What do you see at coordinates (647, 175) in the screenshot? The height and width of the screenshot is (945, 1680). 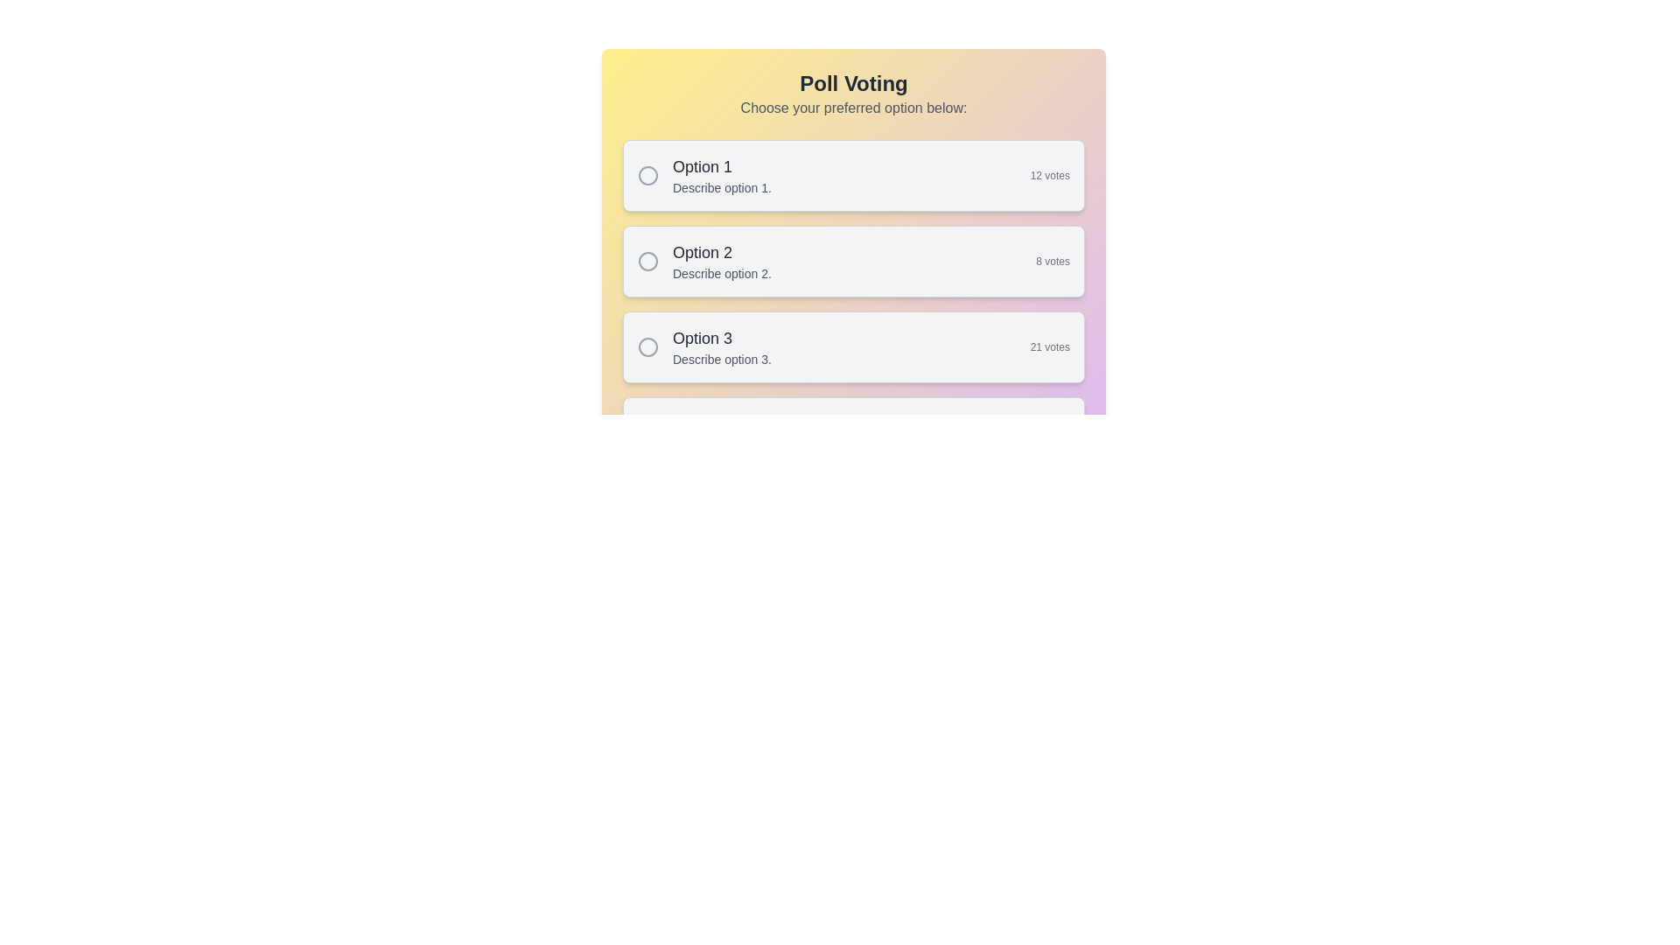 I see `the circular icon to the immediate left of the text 'Option 1' in the voting interface` at bounding box center [647, 175].